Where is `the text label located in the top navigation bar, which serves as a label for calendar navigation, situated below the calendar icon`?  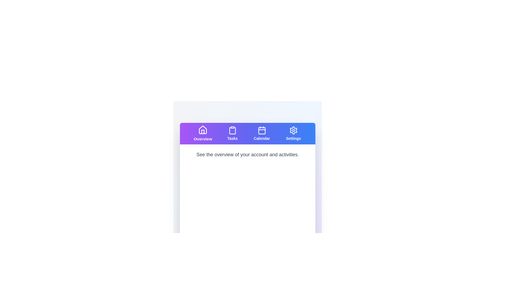
the text label located in the top navigation bar, which serves as a label for calendar navigation, situated below the calendar icon is located at coordinates (262, 138).